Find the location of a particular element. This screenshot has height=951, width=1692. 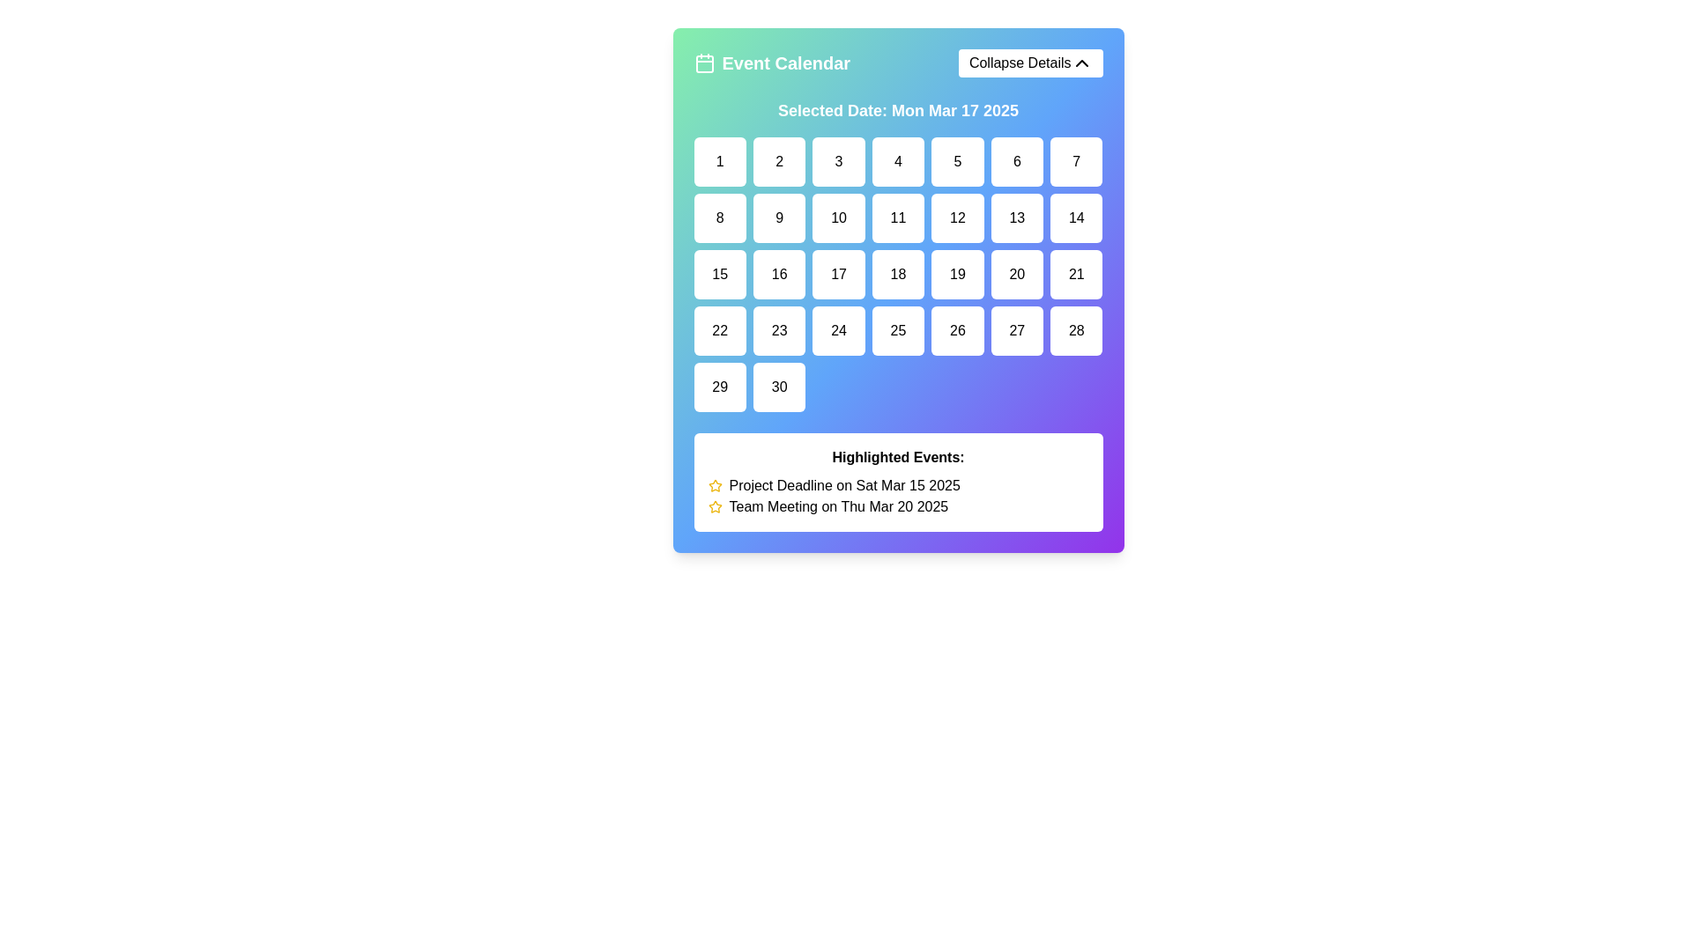

the Static Text Label that displays the currently selected date, located below the calendar's title text is located at coordinates (898, 111).